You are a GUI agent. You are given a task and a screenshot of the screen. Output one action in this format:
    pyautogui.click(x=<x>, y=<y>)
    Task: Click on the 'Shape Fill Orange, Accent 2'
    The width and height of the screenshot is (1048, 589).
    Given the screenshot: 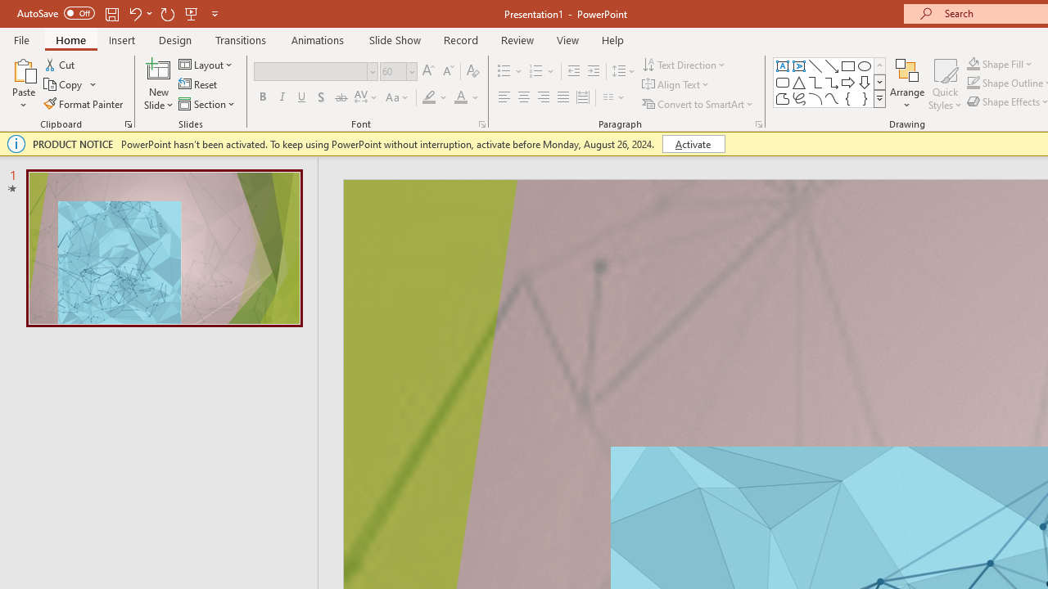 What is the action you would take?
    pyautogui.click(x=973, y=63)
    